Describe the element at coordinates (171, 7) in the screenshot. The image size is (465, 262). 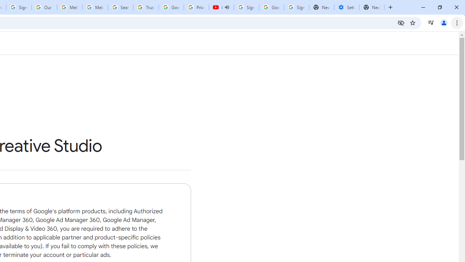
I see `'Google Ads - Sign in'` at that location.